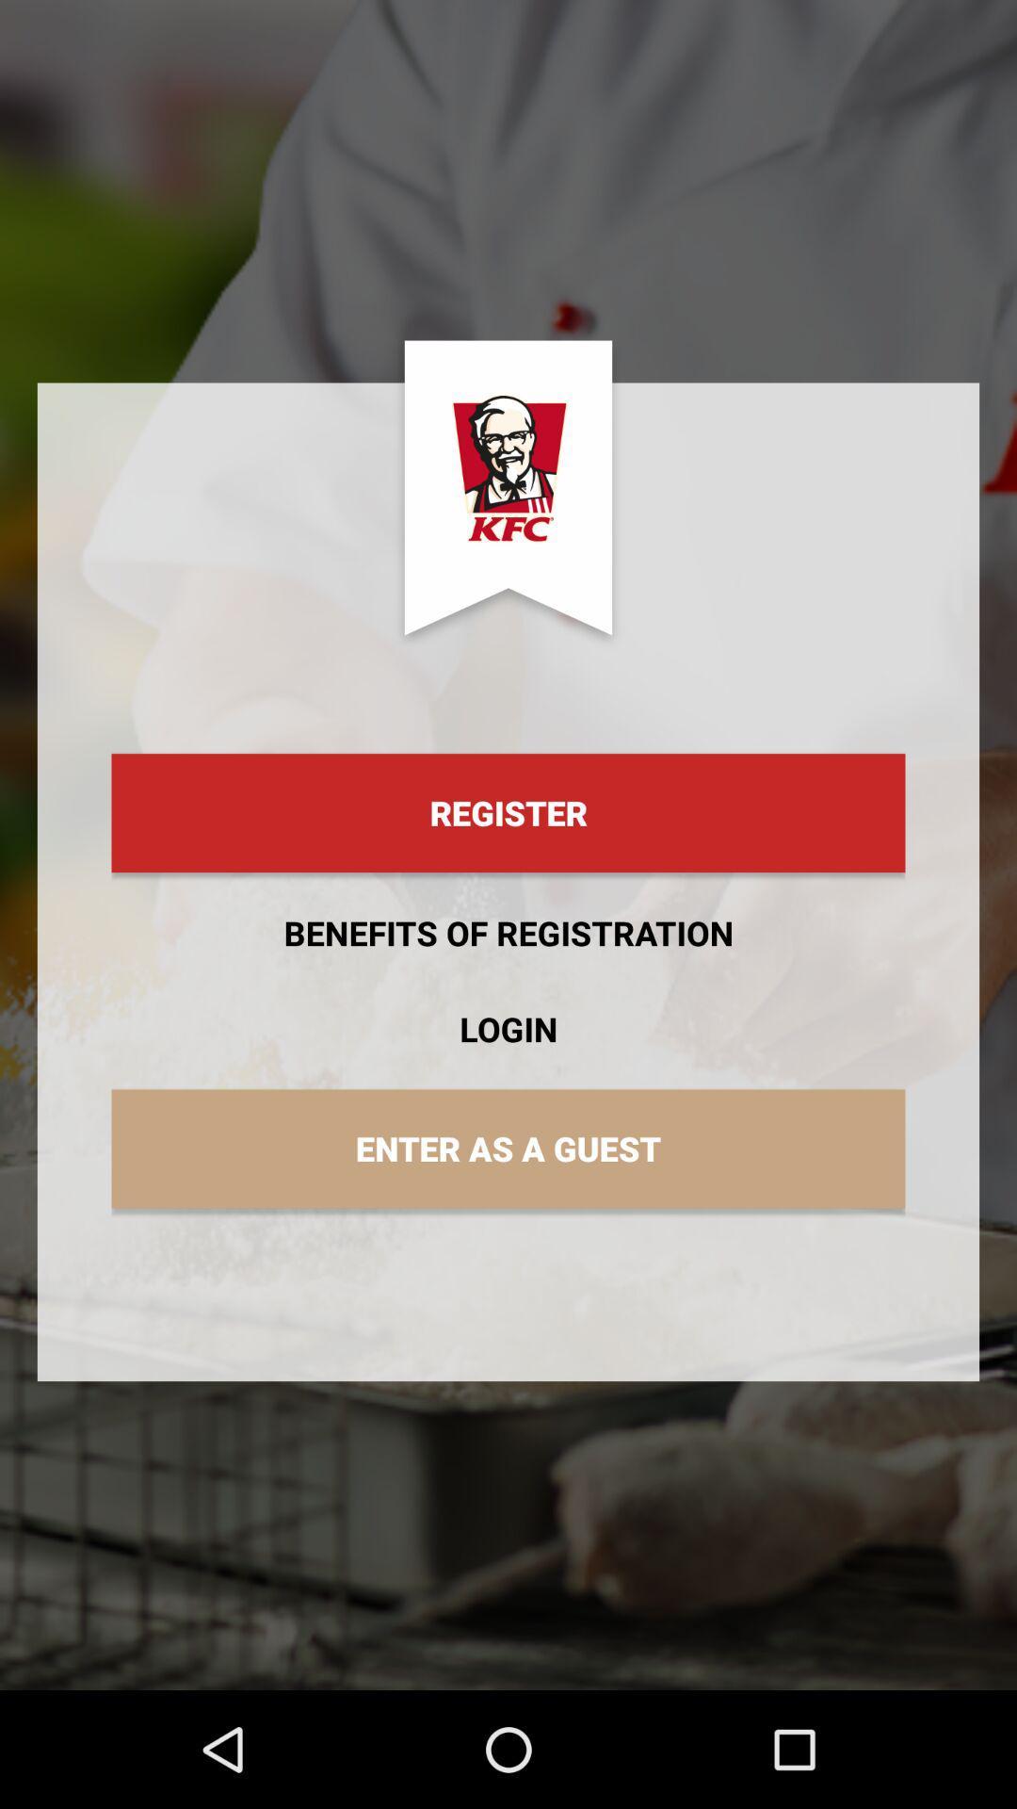 This screenshot has width=1017, height=1809. What do you see at coordinates (508, 813) in the screenshot?
I see `icon above the benefits of registration app` at bounding box center [508, 813].